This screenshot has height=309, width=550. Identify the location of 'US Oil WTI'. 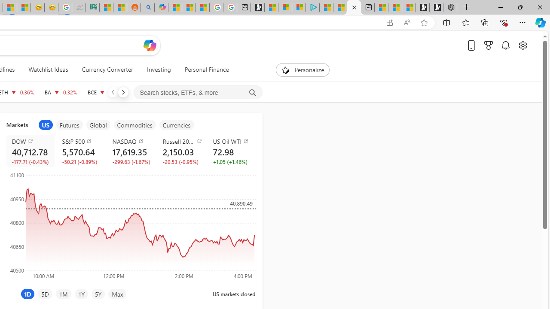
(233, 141).